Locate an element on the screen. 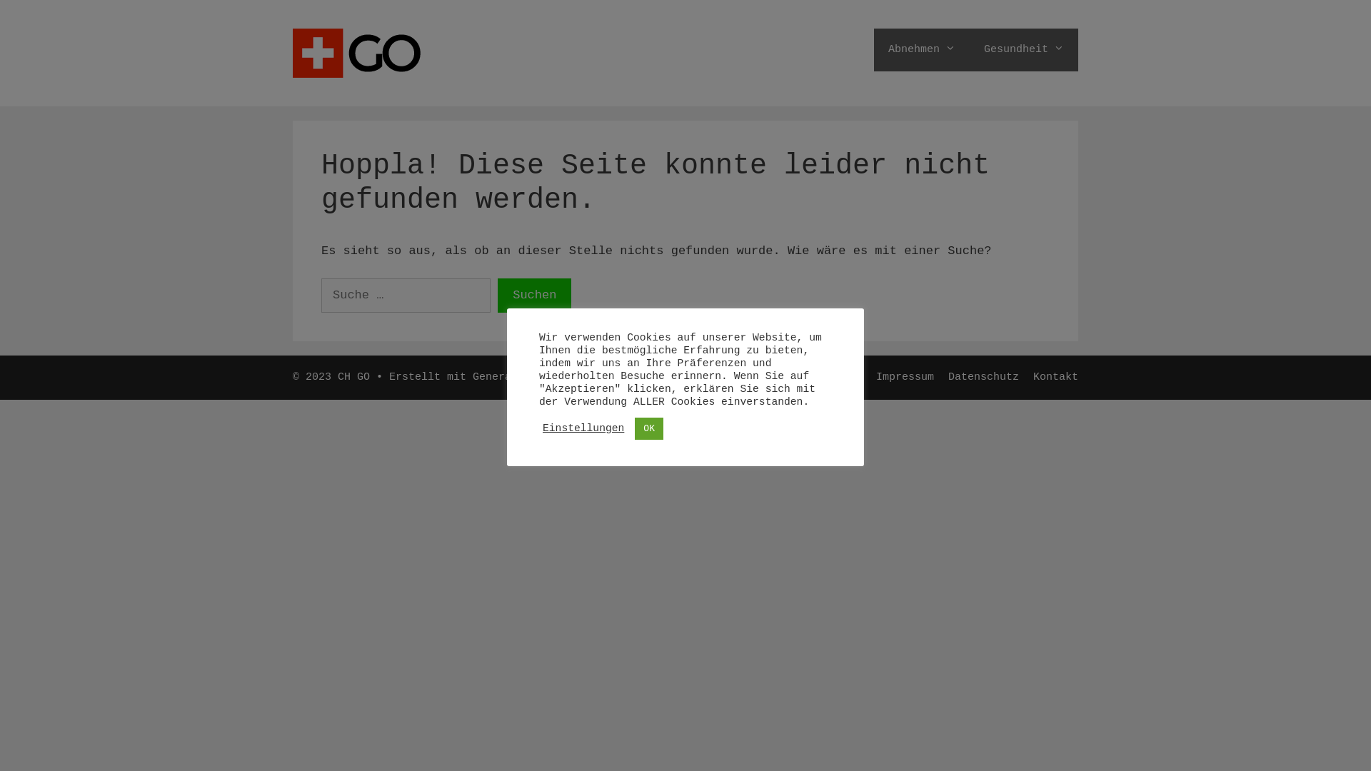 The image size is (1371, 771). 'Datenschutz' is located at coordinates (948, 376).